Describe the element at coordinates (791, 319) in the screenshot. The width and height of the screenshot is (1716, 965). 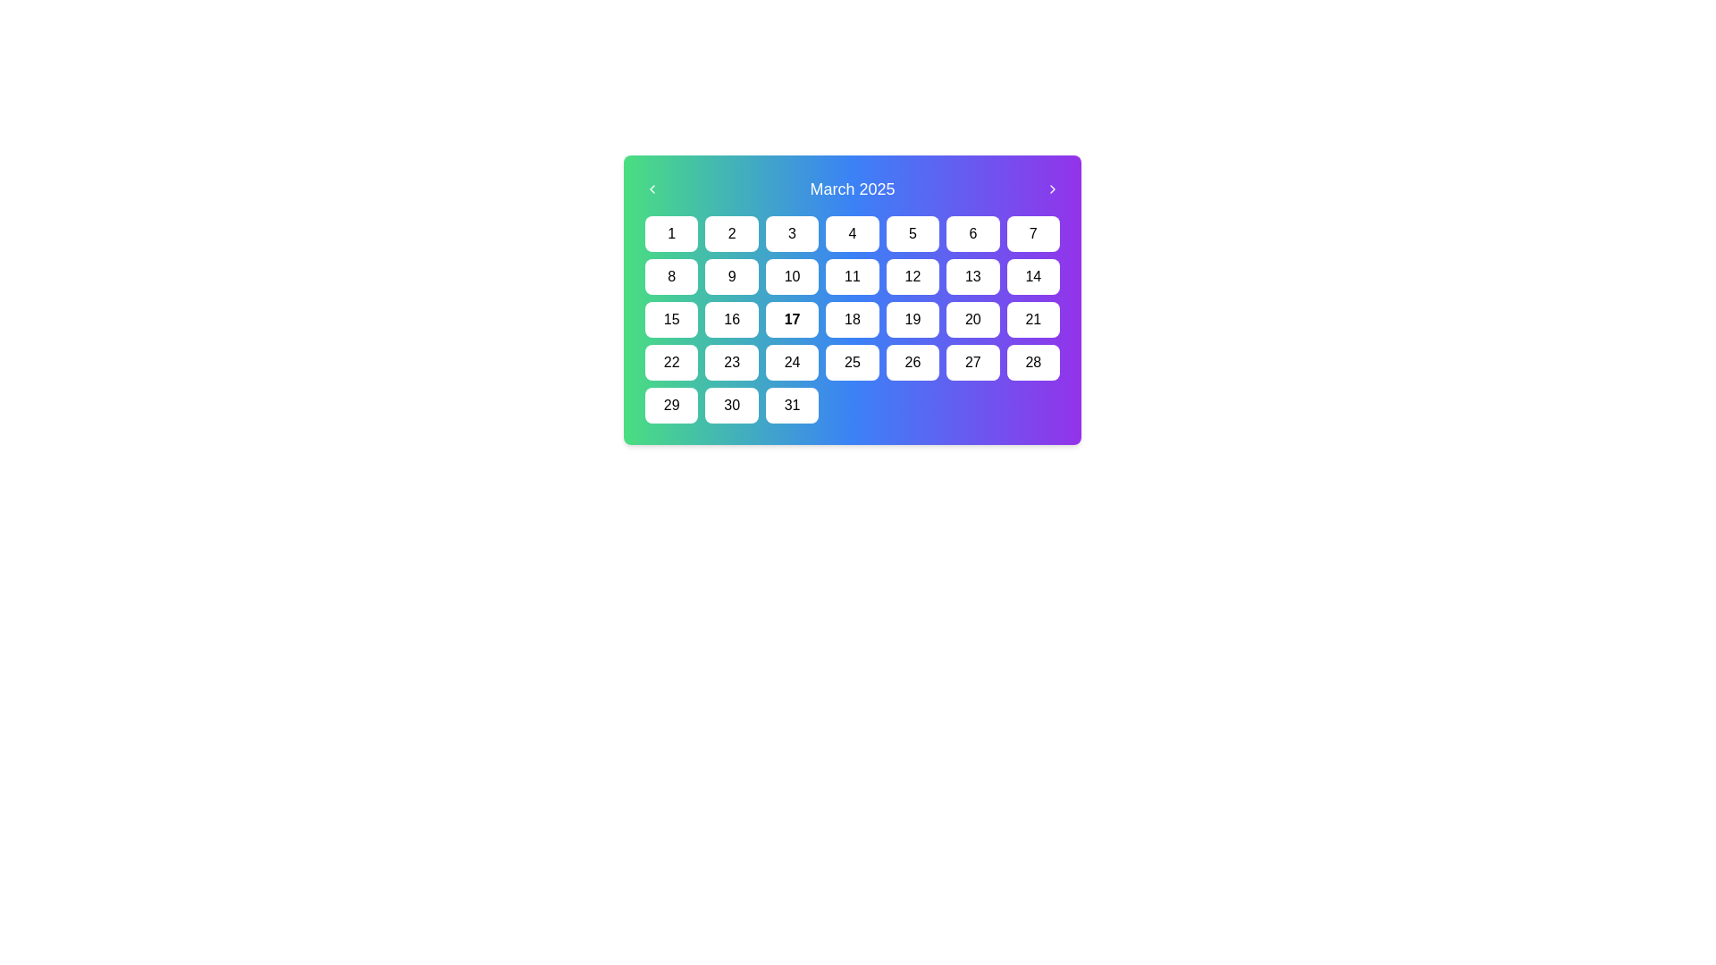
I see `the clickable calendar day cell displaying the number '17', which has a blue background and bold white text` at that location.